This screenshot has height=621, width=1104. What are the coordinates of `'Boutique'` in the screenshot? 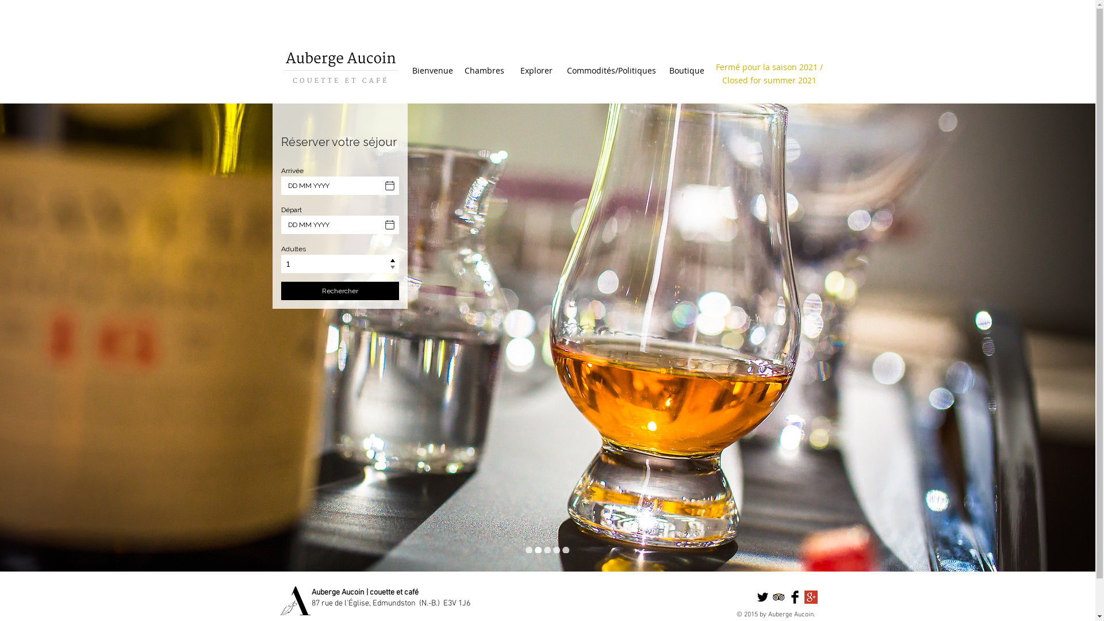 It's located at (661, 71).